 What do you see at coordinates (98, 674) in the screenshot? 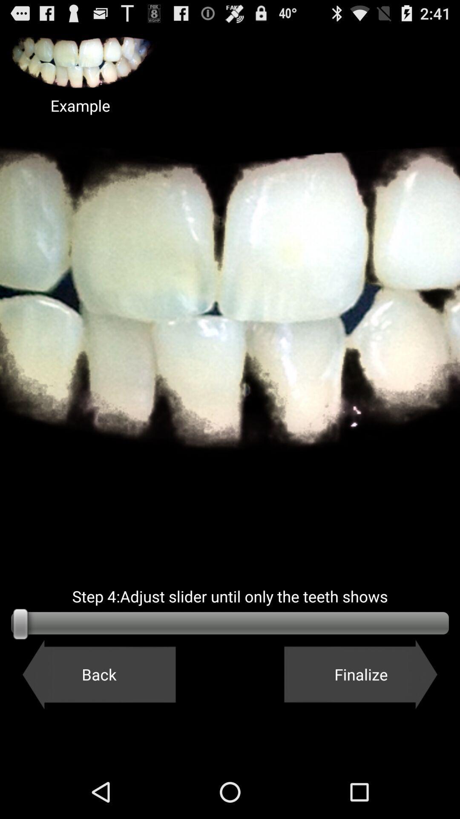
I see `the back at the bottom left corner` at bounding box center [98, 674].